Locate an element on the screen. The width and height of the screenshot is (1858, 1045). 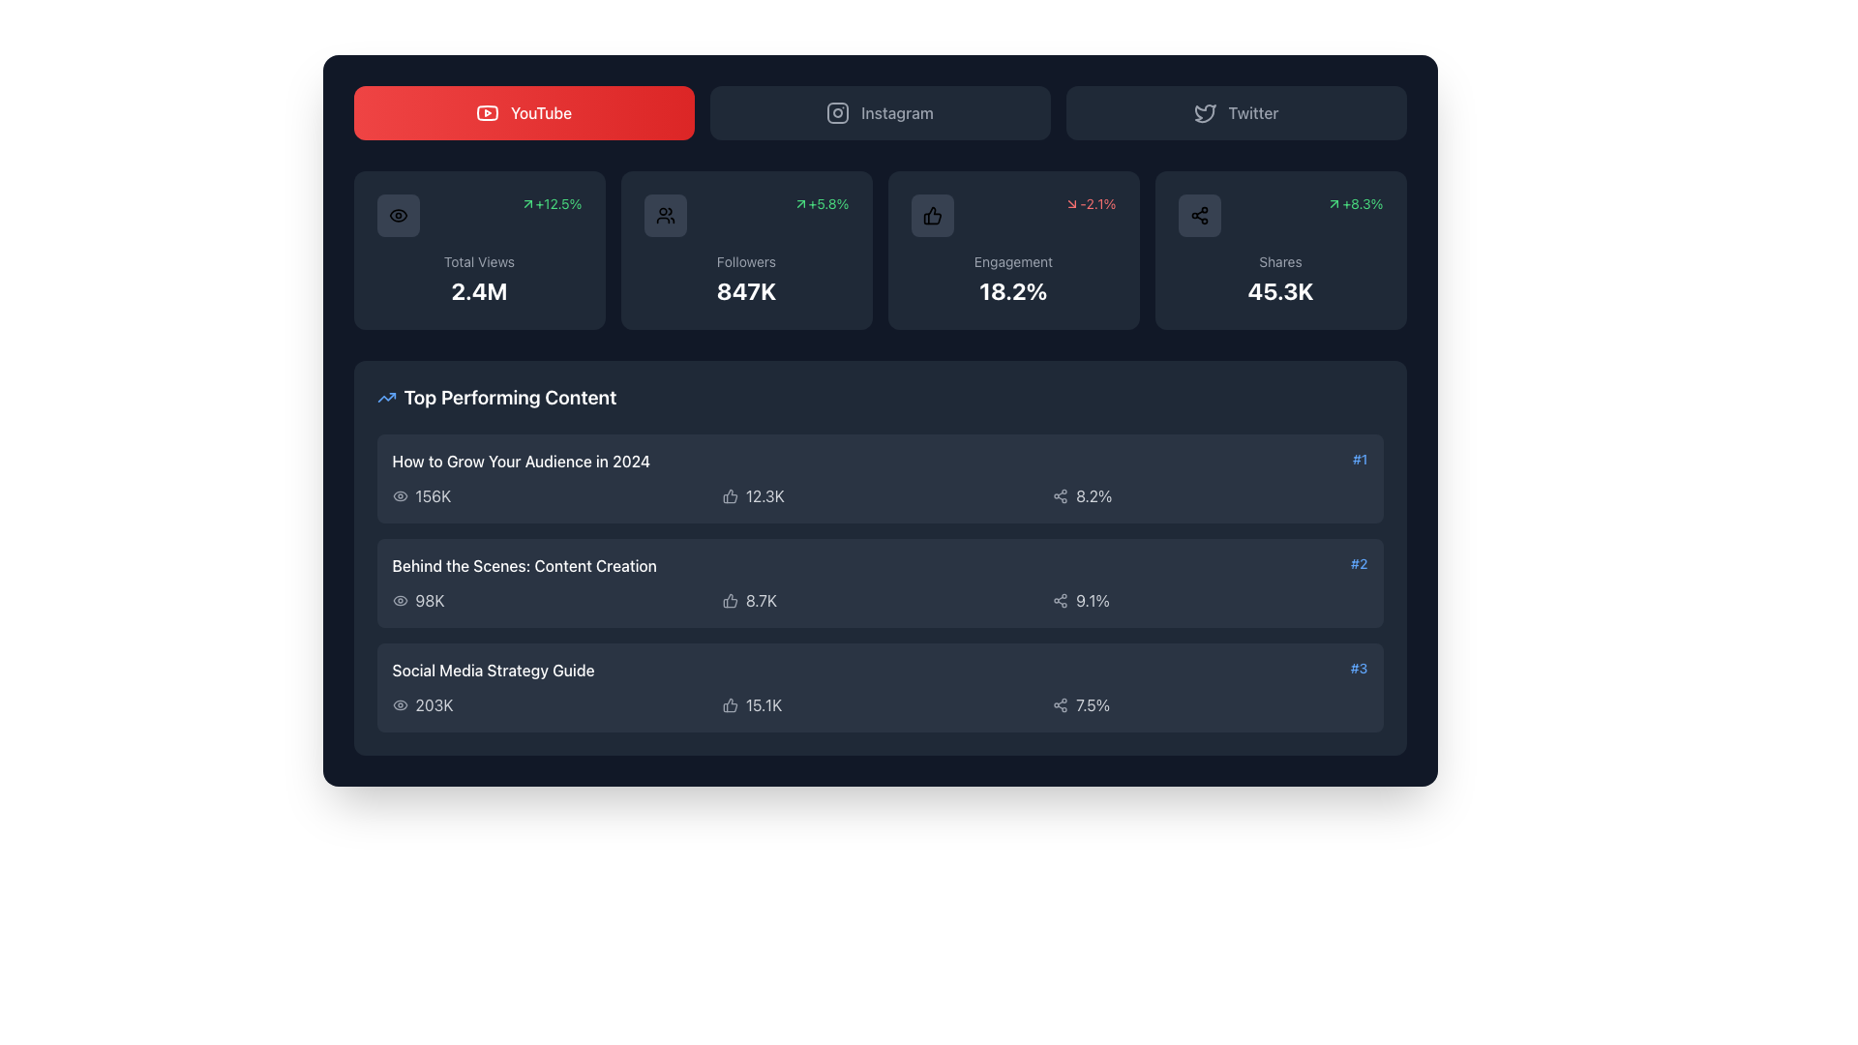
the numeric text label '9.1%' displayed in gray on a dark background, positioned in the middle-right section of the content item card is located at coordinates (1093, 600).